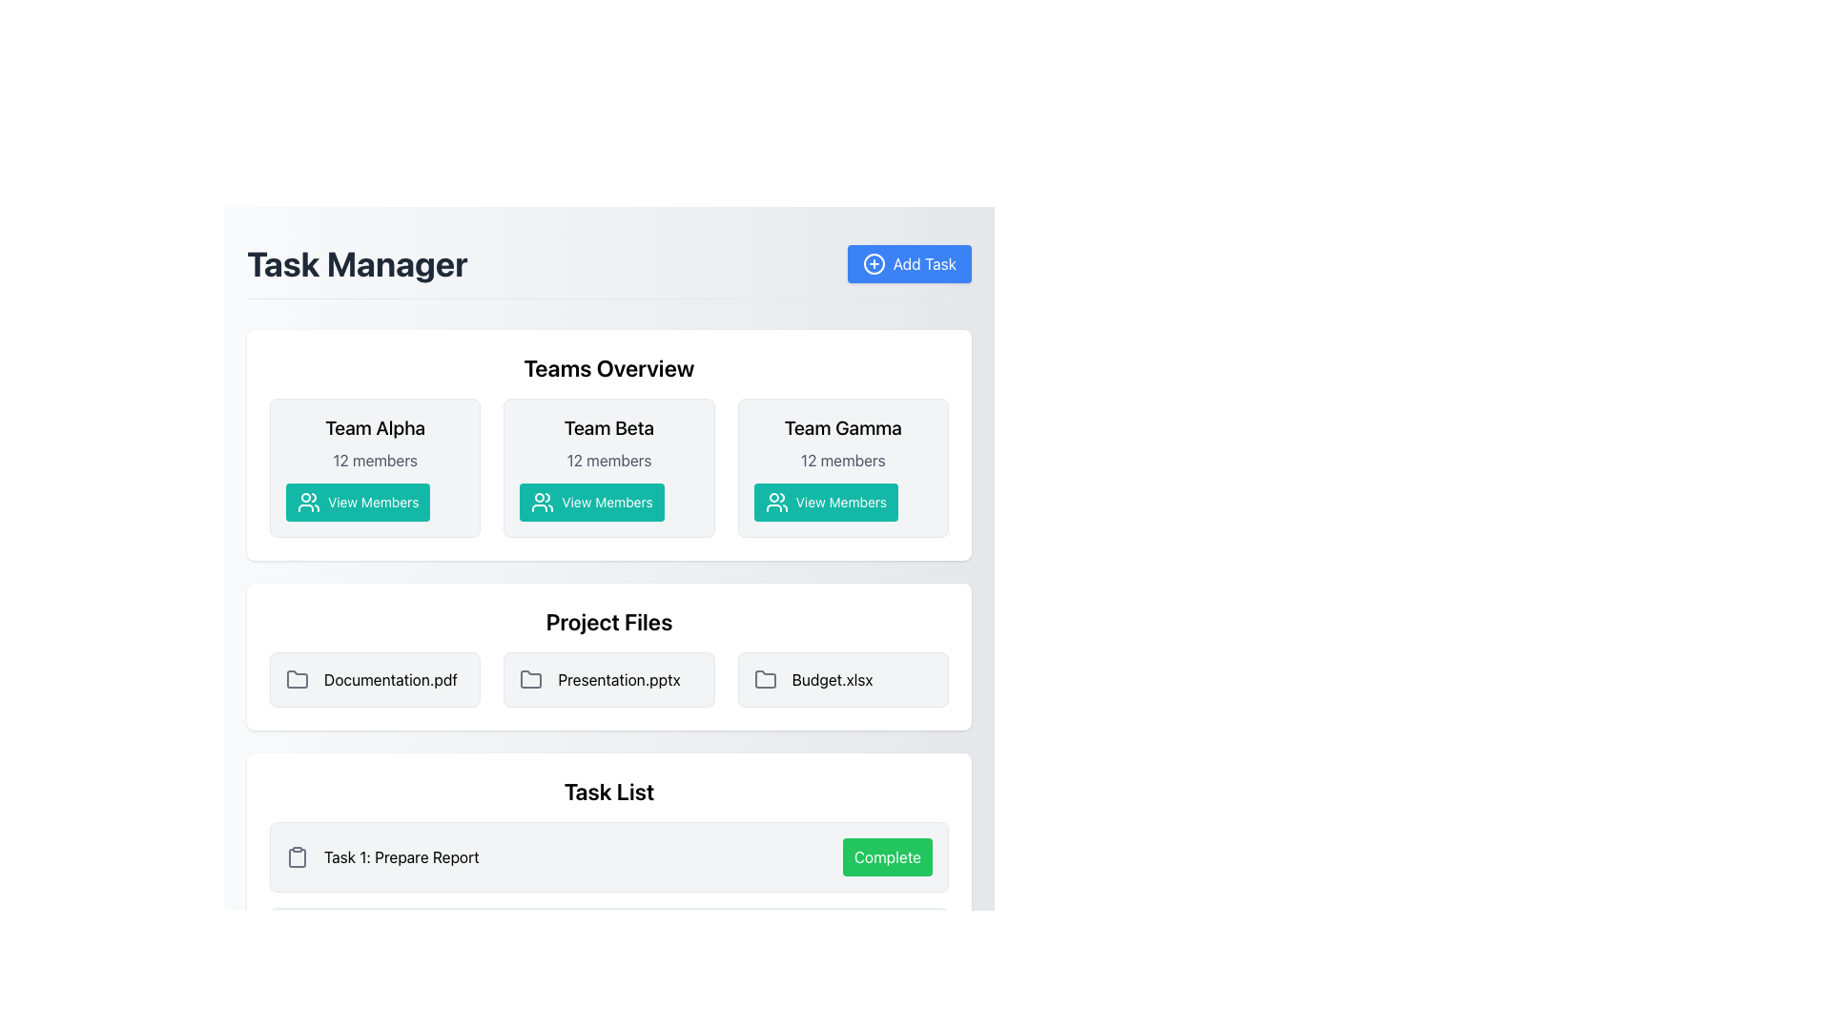 This screenshot has height=1030, width=1831. What do you see at coordinates (375, 426) in the screenshot?
I see `and understand the text displaying the team name located at the top of the card, above the team members line and the 'View Members' button` at bounding box center [375, 426].